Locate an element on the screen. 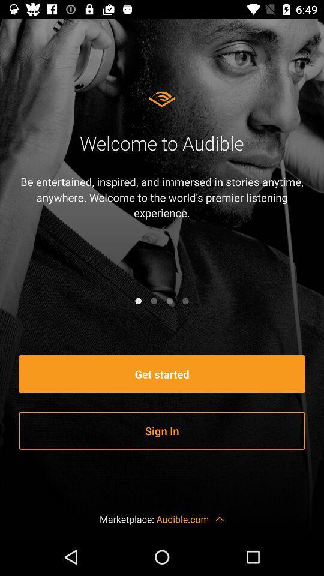  right swipe is located at coordinates (154, 300).